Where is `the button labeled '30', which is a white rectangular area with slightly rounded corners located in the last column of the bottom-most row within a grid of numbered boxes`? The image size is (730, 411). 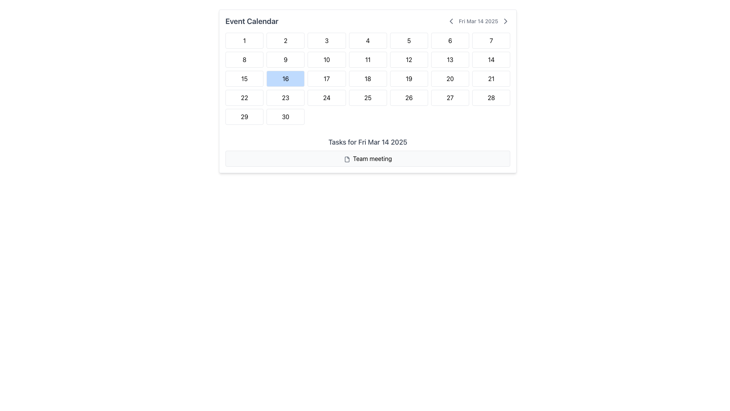
the button labeled '30', which is a white rectangular area with slightly rounded corners located in the last column of the bottom-most row within a grid of numbered boxes is located at coordinates (285, 117).